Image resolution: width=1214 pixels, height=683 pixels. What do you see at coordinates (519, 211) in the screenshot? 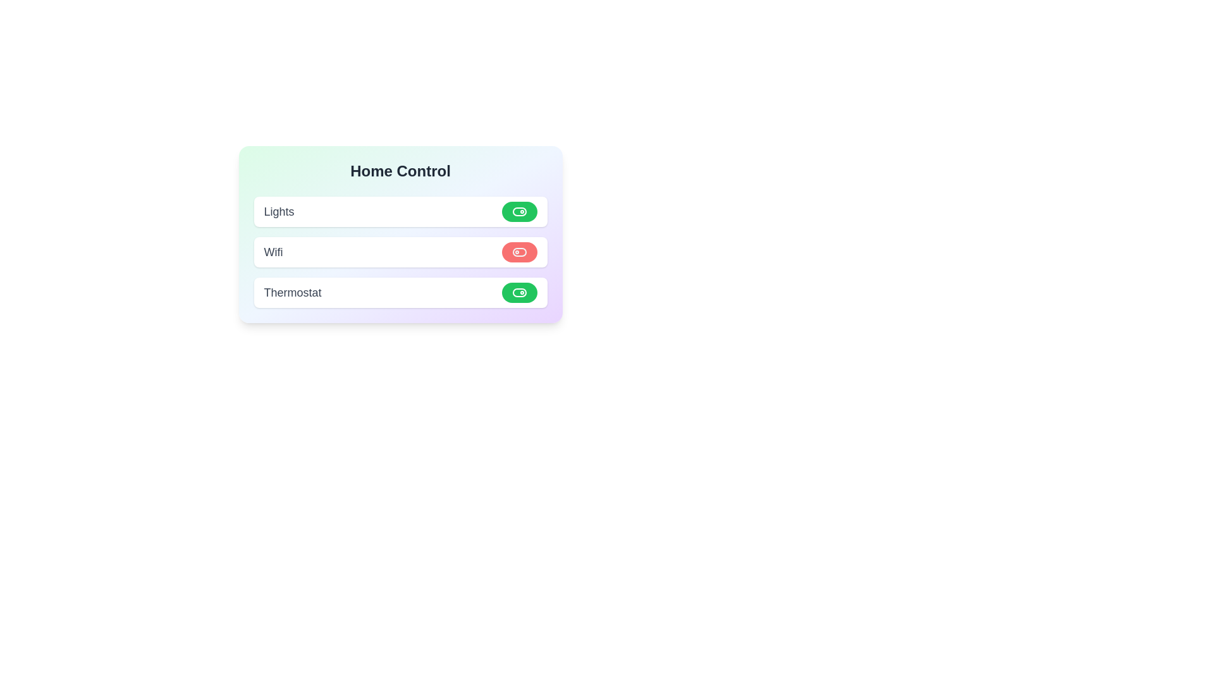
I see `the toggle switch located to the right of the word 'lights' to change its state` at bounding box center [519, 211].